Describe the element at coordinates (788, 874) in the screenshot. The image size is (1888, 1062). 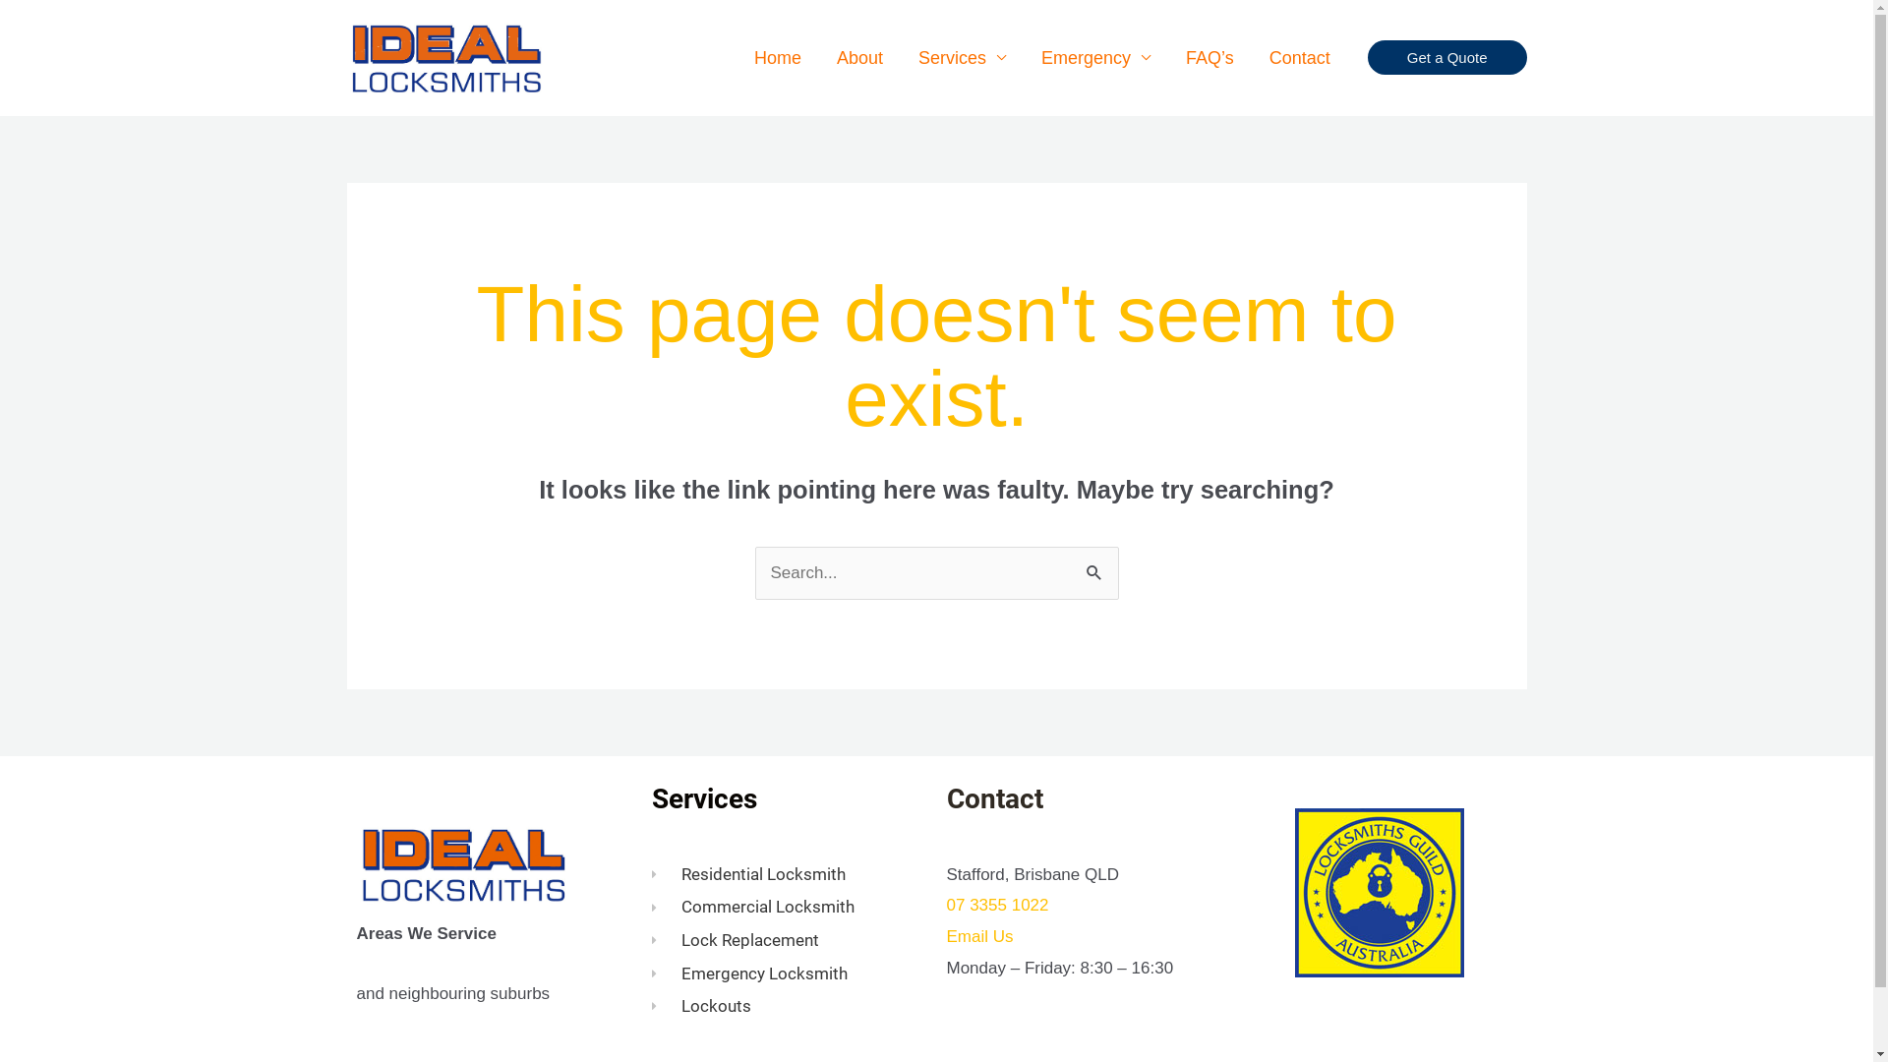
I see `'Residential Locksmith'` at that location.